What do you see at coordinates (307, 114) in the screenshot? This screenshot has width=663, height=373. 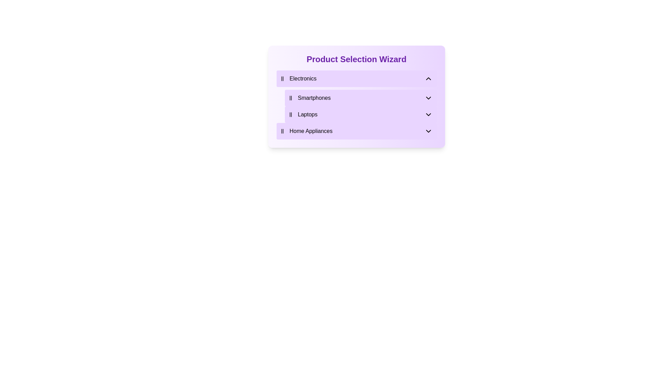 I see `the text label that reads 'Laptops' within the submenu of the 'Electronics' section in the product selection wizard interface` at bounding box center [307, 114].